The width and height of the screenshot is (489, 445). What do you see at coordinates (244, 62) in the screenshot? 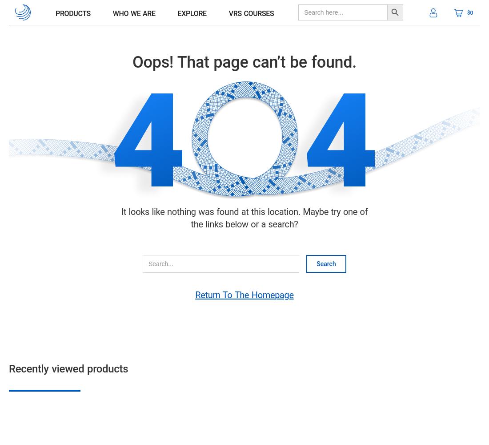
I see `'Oops! That page can’t be found.'` at bounding box center [244, 62].